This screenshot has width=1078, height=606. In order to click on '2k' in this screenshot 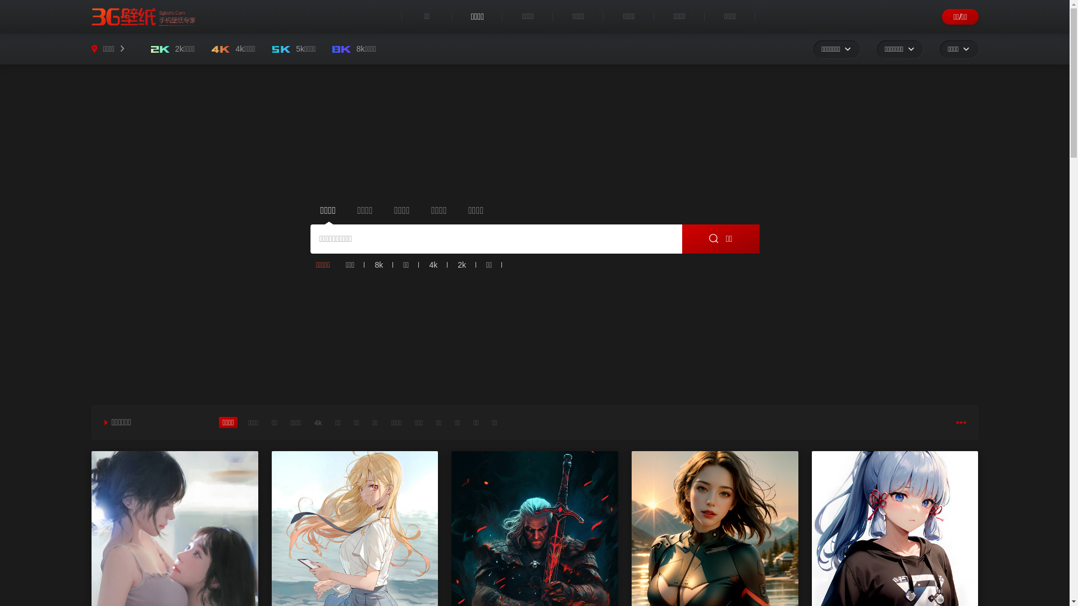, I will do `click(462, 264)`.